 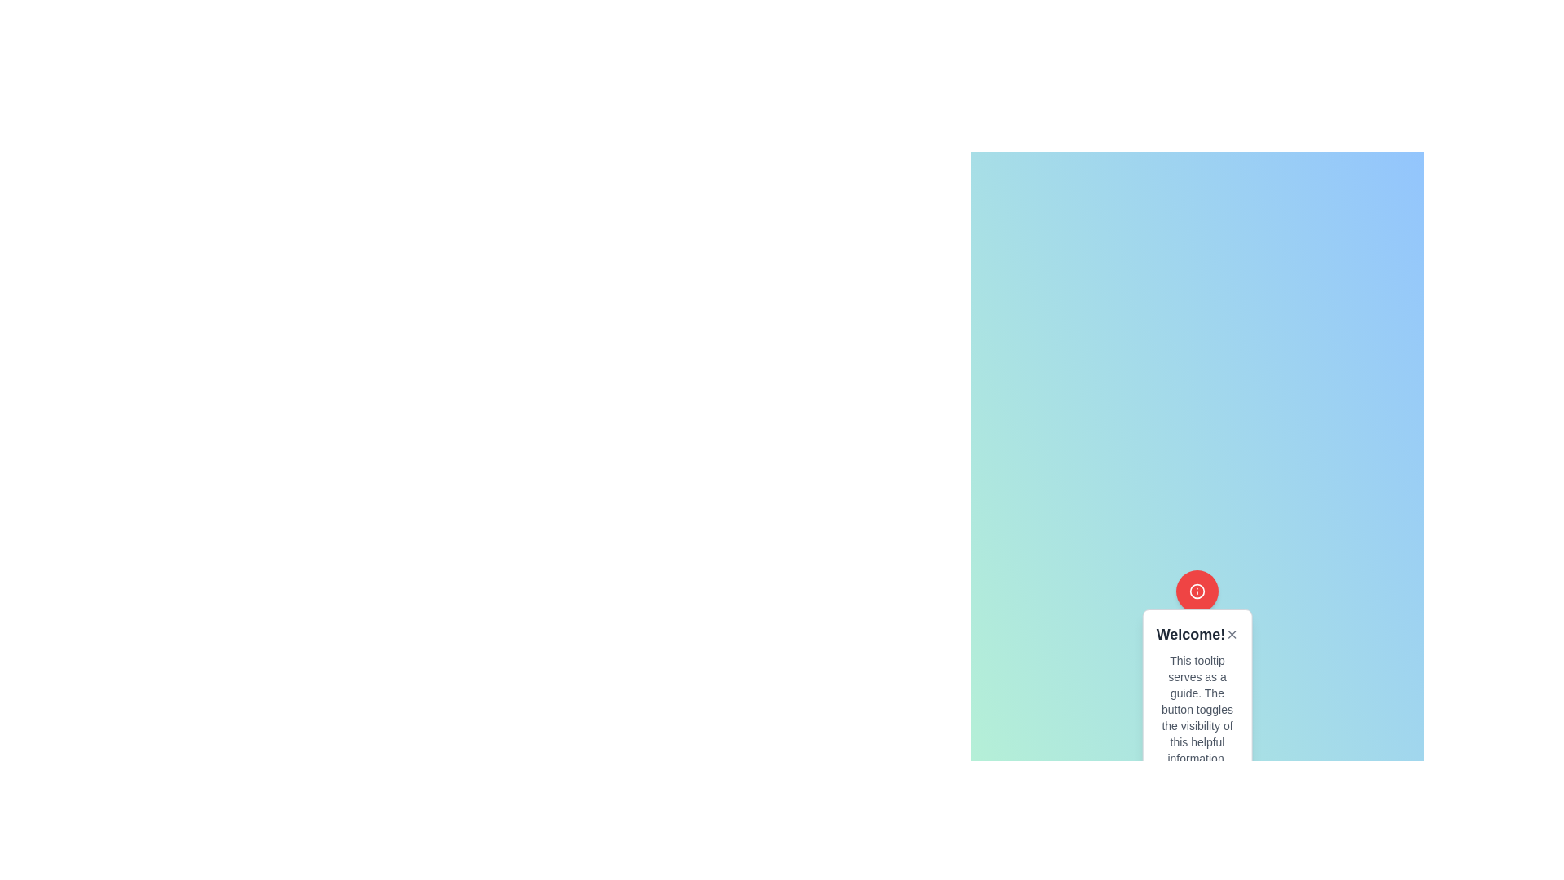 What do you see at coordinates (1191, 634) in the screenshot?
I see `the static text element displaying 'Welcome!' in a tooltip, which is styled with a bold font and dark gray color` at bounding box center [1191, 634].